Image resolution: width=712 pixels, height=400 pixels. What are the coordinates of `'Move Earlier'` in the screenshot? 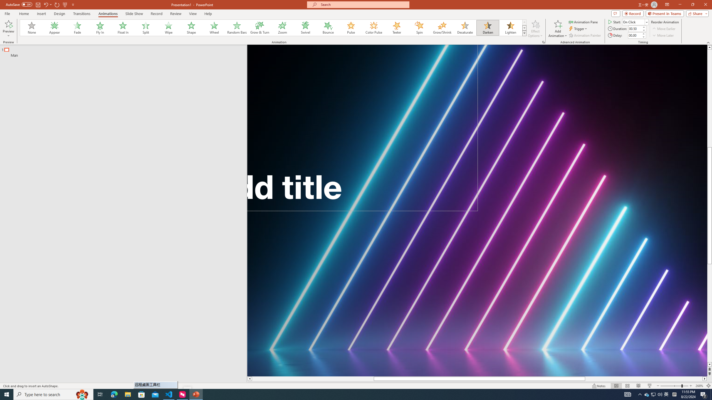 It's located at (664, 29).